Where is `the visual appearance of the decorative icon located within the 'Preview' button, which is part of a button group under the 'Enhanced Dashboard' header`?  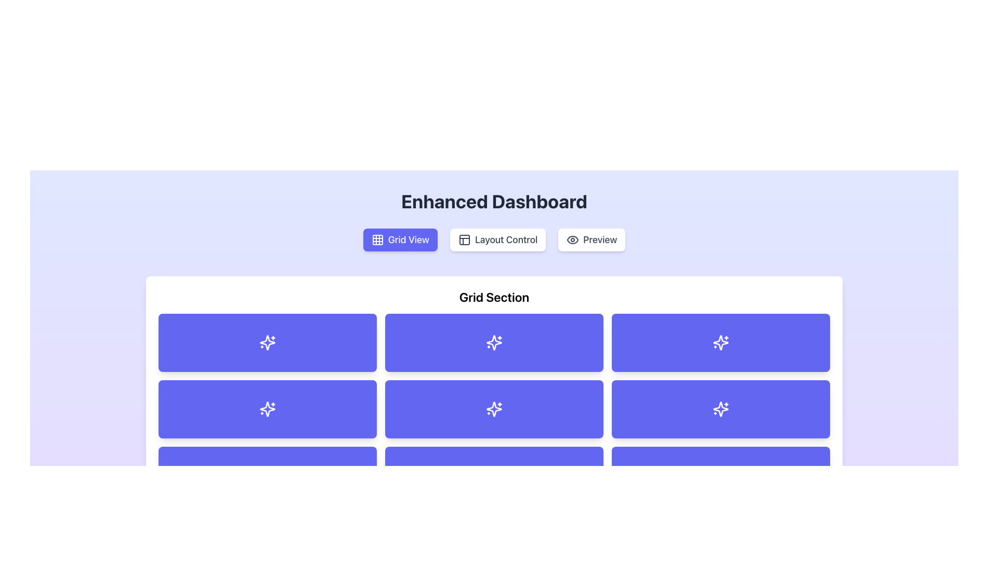
the visual appearance of the decorative icon located within the 'Preview' button, which is part of a button group under the 'Enhanced Dashboard' header is located at coordinates (572, 240).